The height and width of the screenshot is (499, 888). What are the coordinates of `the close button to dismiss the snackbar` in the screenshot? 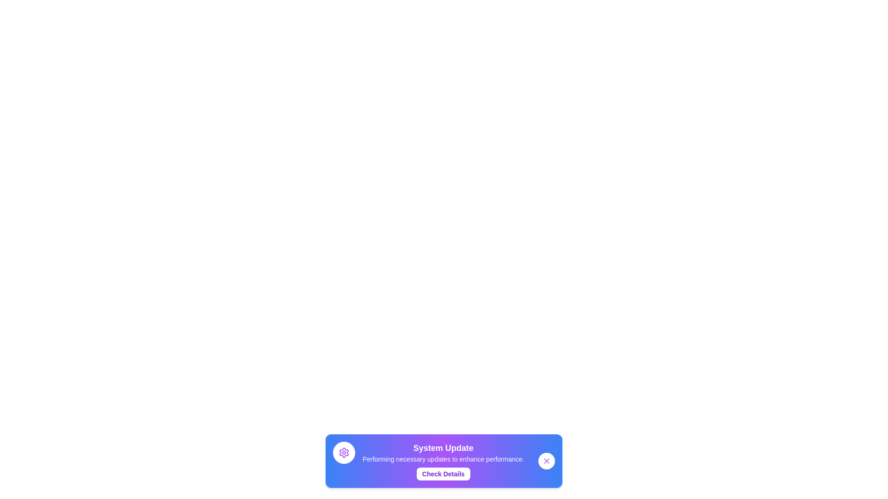 It's located at (546, 461).